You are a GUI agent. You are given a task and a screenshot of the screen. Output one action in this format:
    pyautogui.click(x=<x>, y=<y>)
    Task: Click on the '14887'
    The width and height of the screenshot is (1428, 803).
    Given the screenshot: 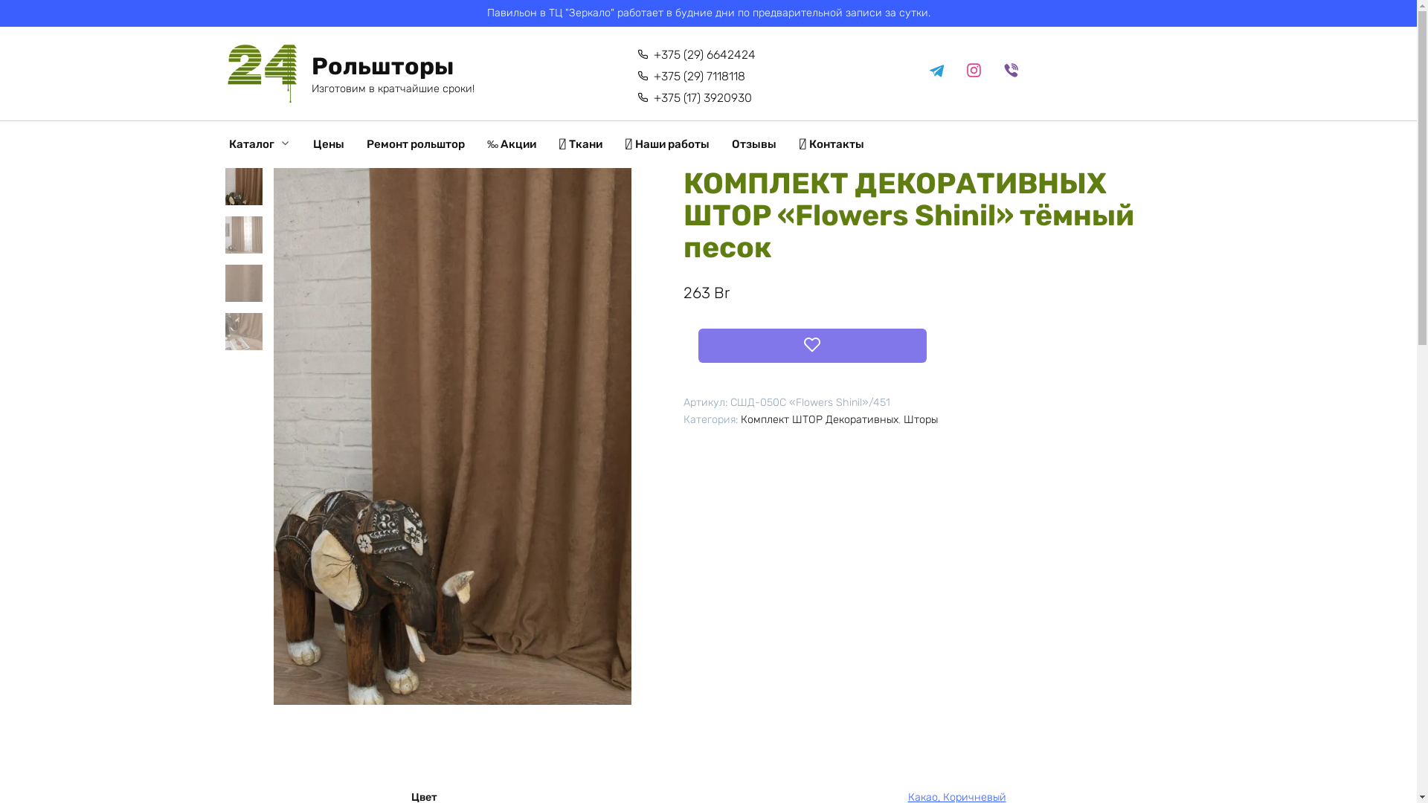 What is the action you would take?
    pyautogui.click(x=113, y=18)
    